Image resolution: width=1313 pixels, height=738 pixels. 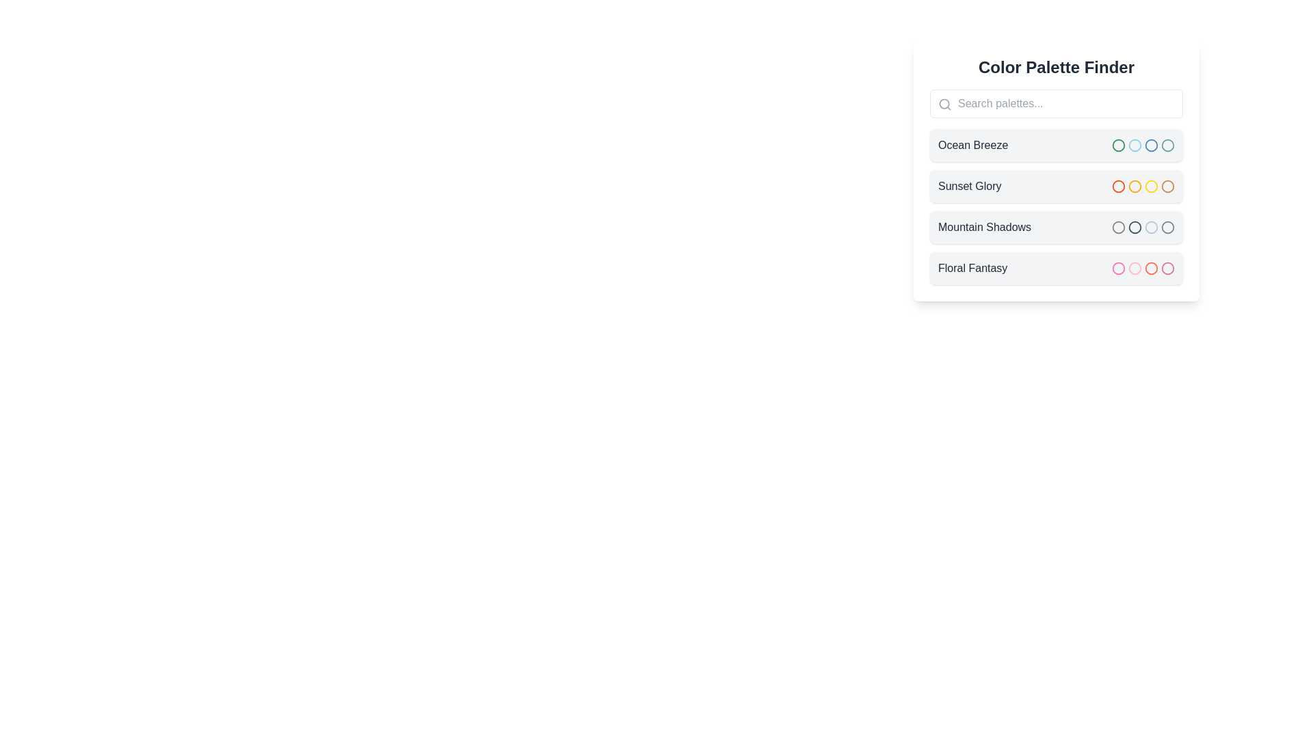 What do you see at coordinates (1167, 269) in the screenshot?
I see `the fourth circular icon with a soft pink border in the 'Floral Fantasy' palette row` at bounding box center [1167, 269].